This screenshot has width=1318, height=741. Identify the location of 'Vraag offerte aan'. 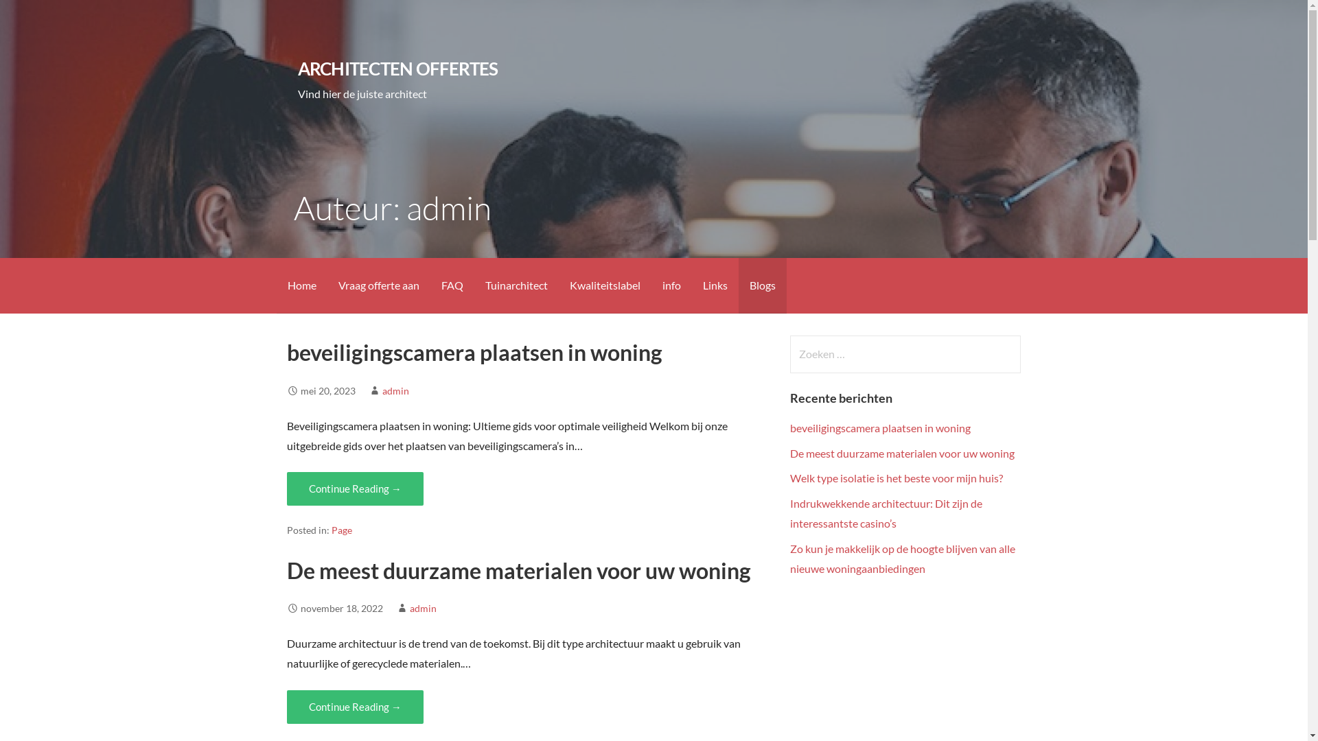
(378, 285).